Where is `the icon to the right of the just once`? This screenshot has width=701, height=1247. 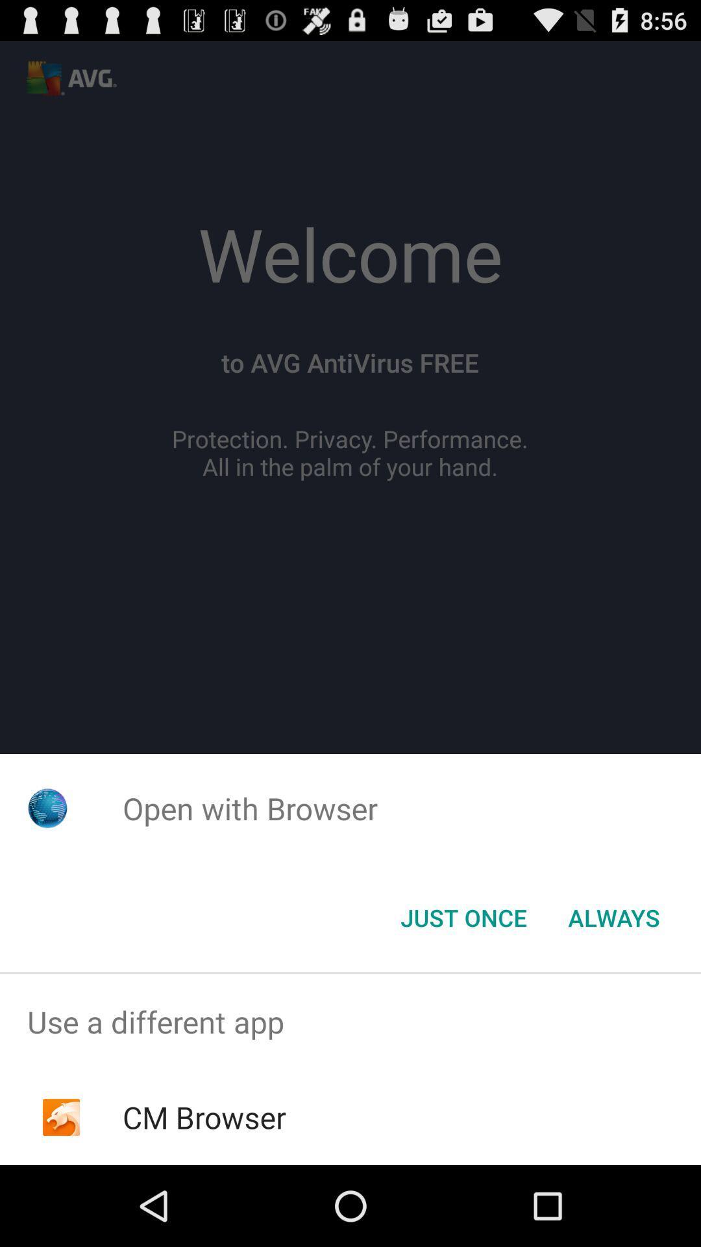
the icon to the right of the just once is located at coordinates (613, 916).